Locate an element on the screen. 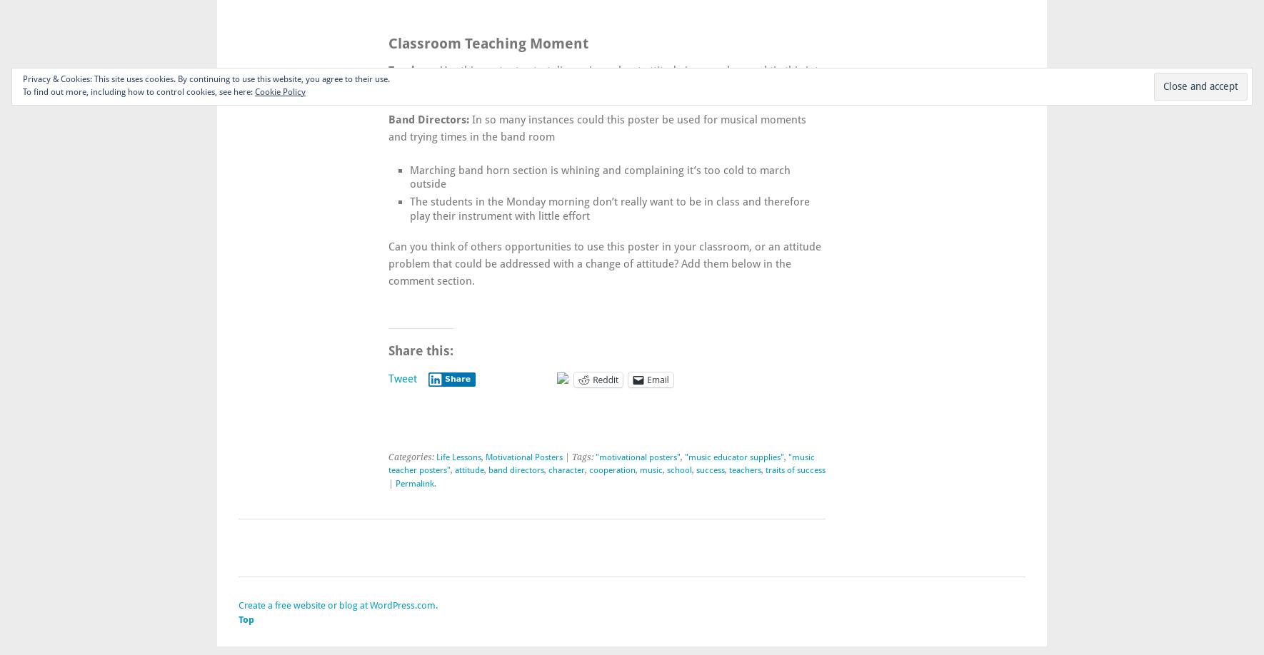 The height and width of the screenshot is (655, 1264). 'teachers' is located at coordinates (728, 470).